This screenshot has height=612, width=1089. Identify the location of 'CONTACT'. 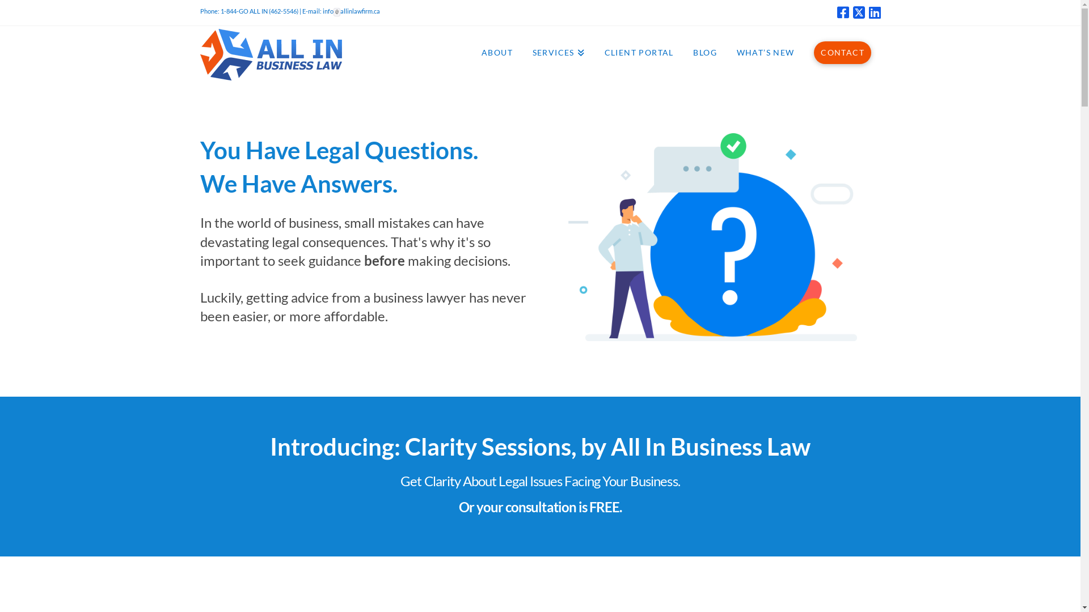
(803, 52).